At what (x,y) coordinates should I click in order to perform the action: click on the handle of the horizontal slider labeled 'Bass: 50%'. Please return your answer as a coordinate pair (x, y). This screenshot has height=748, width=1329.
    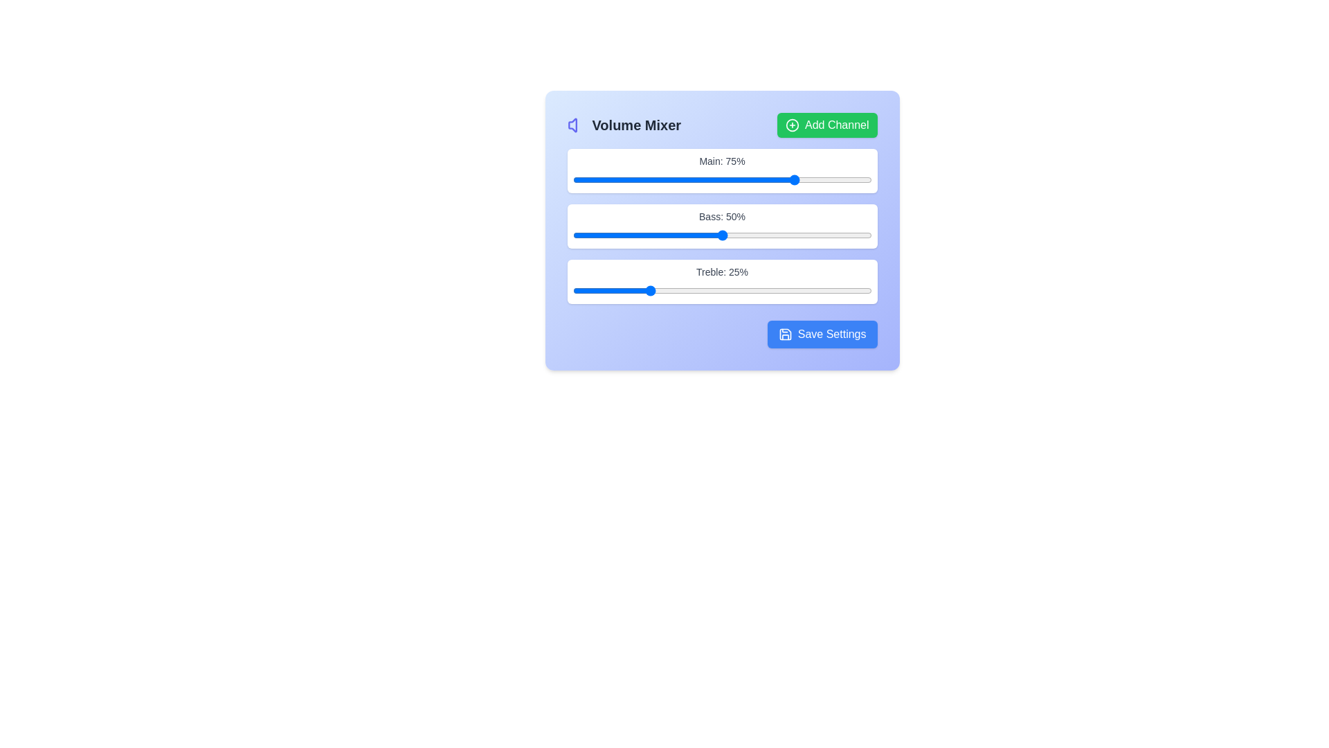
    Looking at the image, I should click on (721, 234).